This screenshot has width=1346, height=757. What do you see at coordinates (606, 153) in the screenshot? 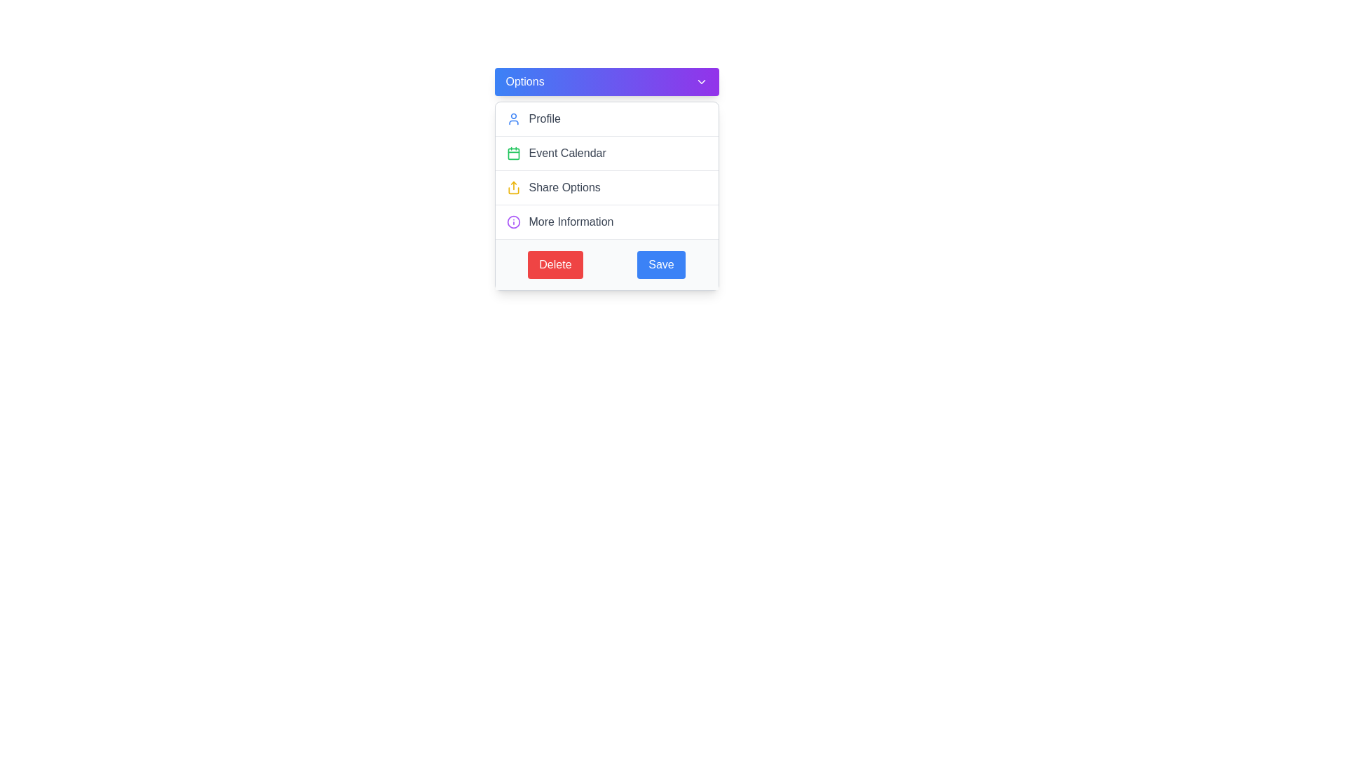
I see `the second menu item in the dropdown list, which is located below the 'Profile' menu item and above 'Share Options'` at bounding box center [606, 153].